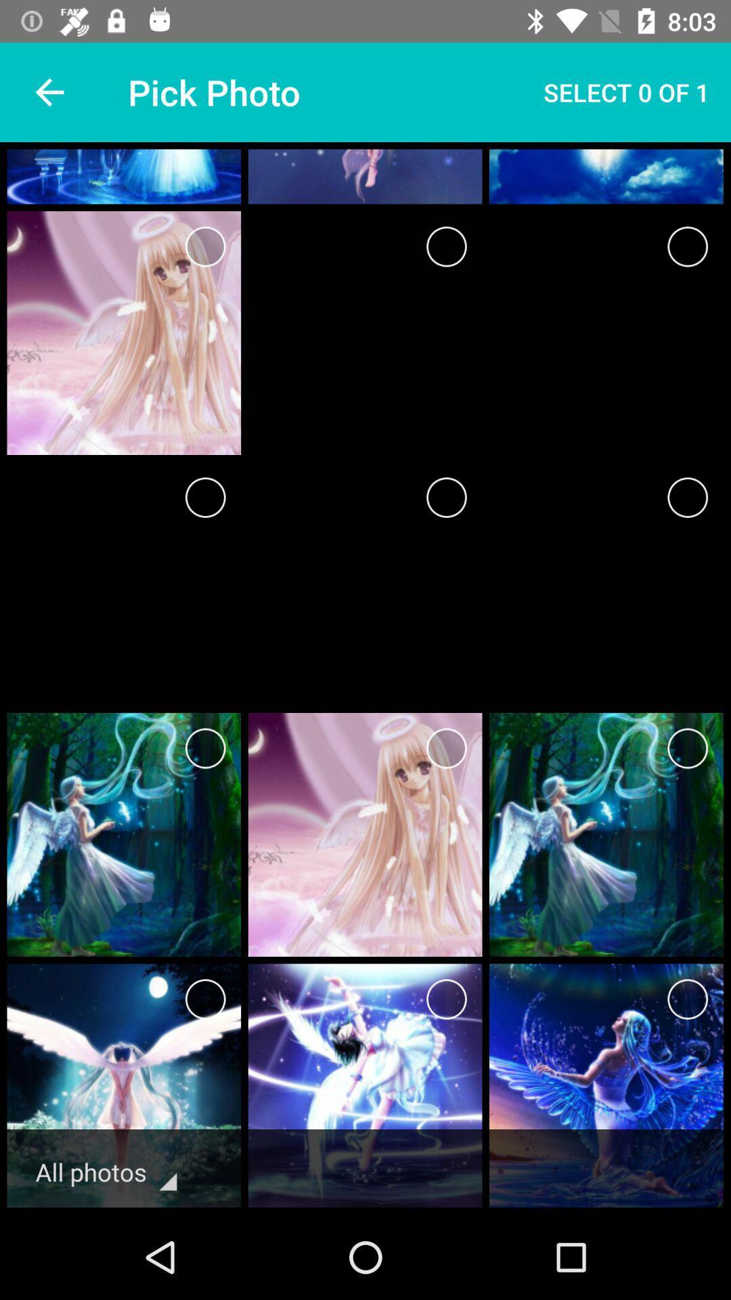  What do you see at coordinates (205, 246) in the screenshot?
I see `click select option` at bounding box center [205, 246].